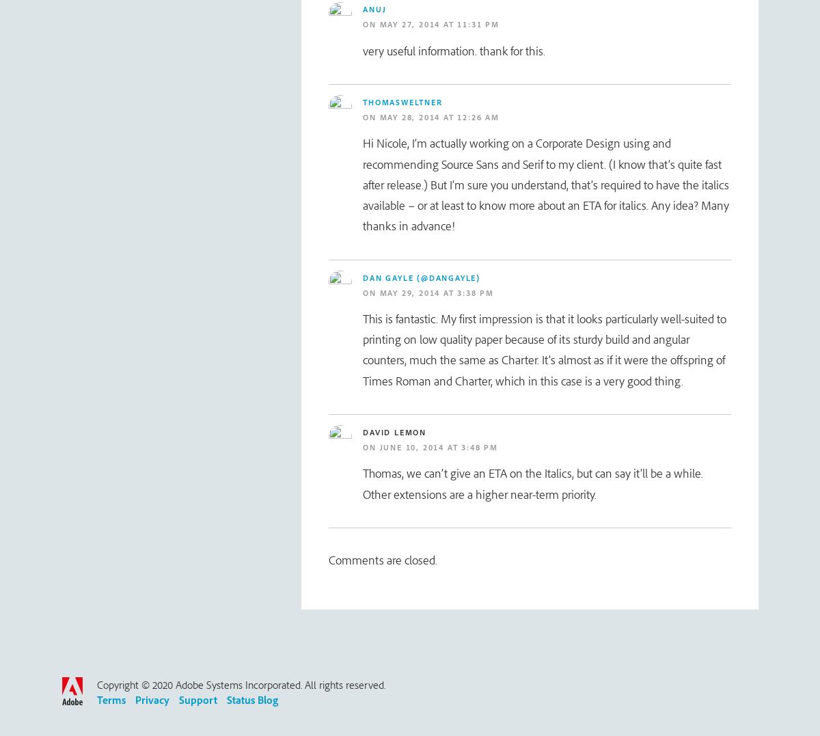 This screenshot has width=820, height=736. What do you see at coordinates (436, 291) in the screenshot?
I see `'May 29, 2014 at 3:38 pm'` at bounding box center [436, 291].